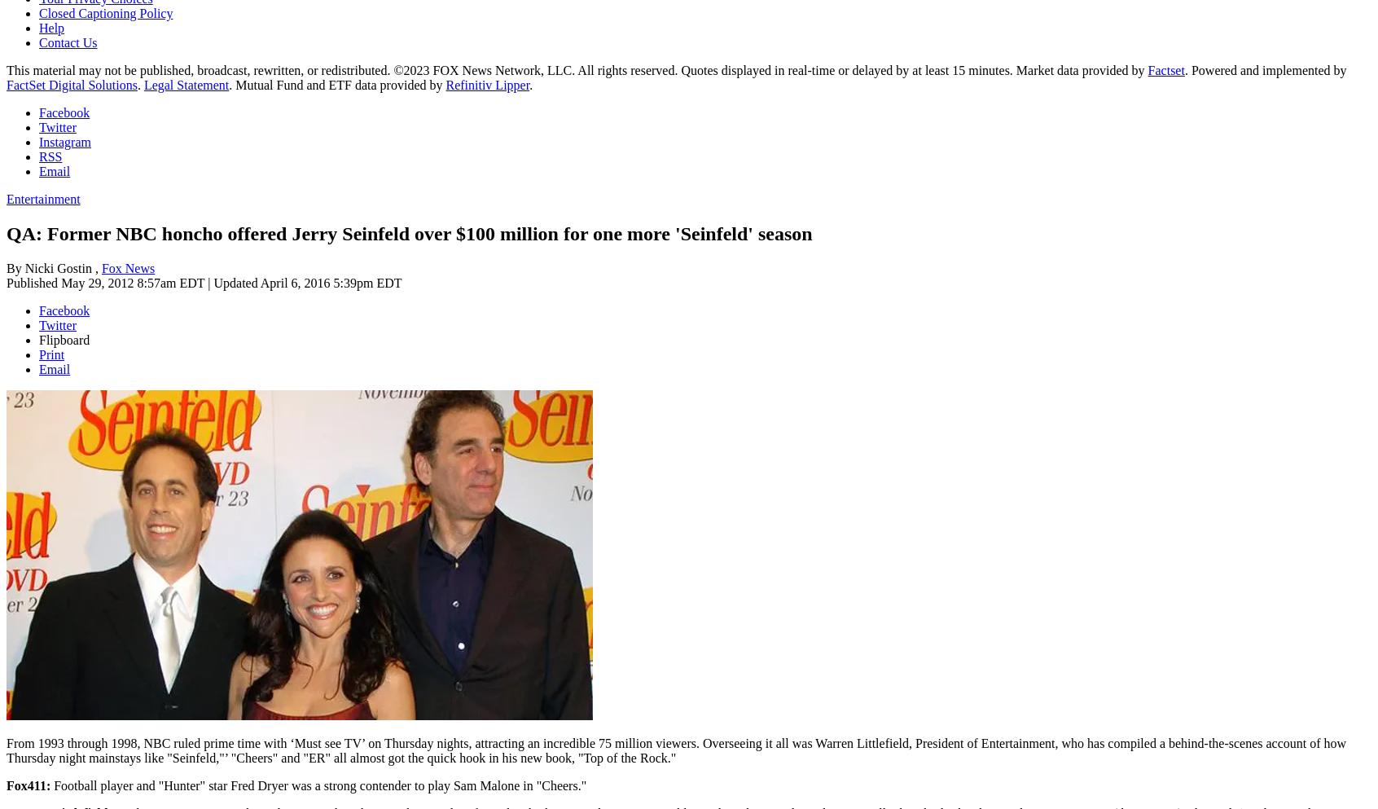 This screenshot has height=809, width=1378. Describe the element at coordinates (50, 26) in the screenshot. I see `'Help'` at that location.